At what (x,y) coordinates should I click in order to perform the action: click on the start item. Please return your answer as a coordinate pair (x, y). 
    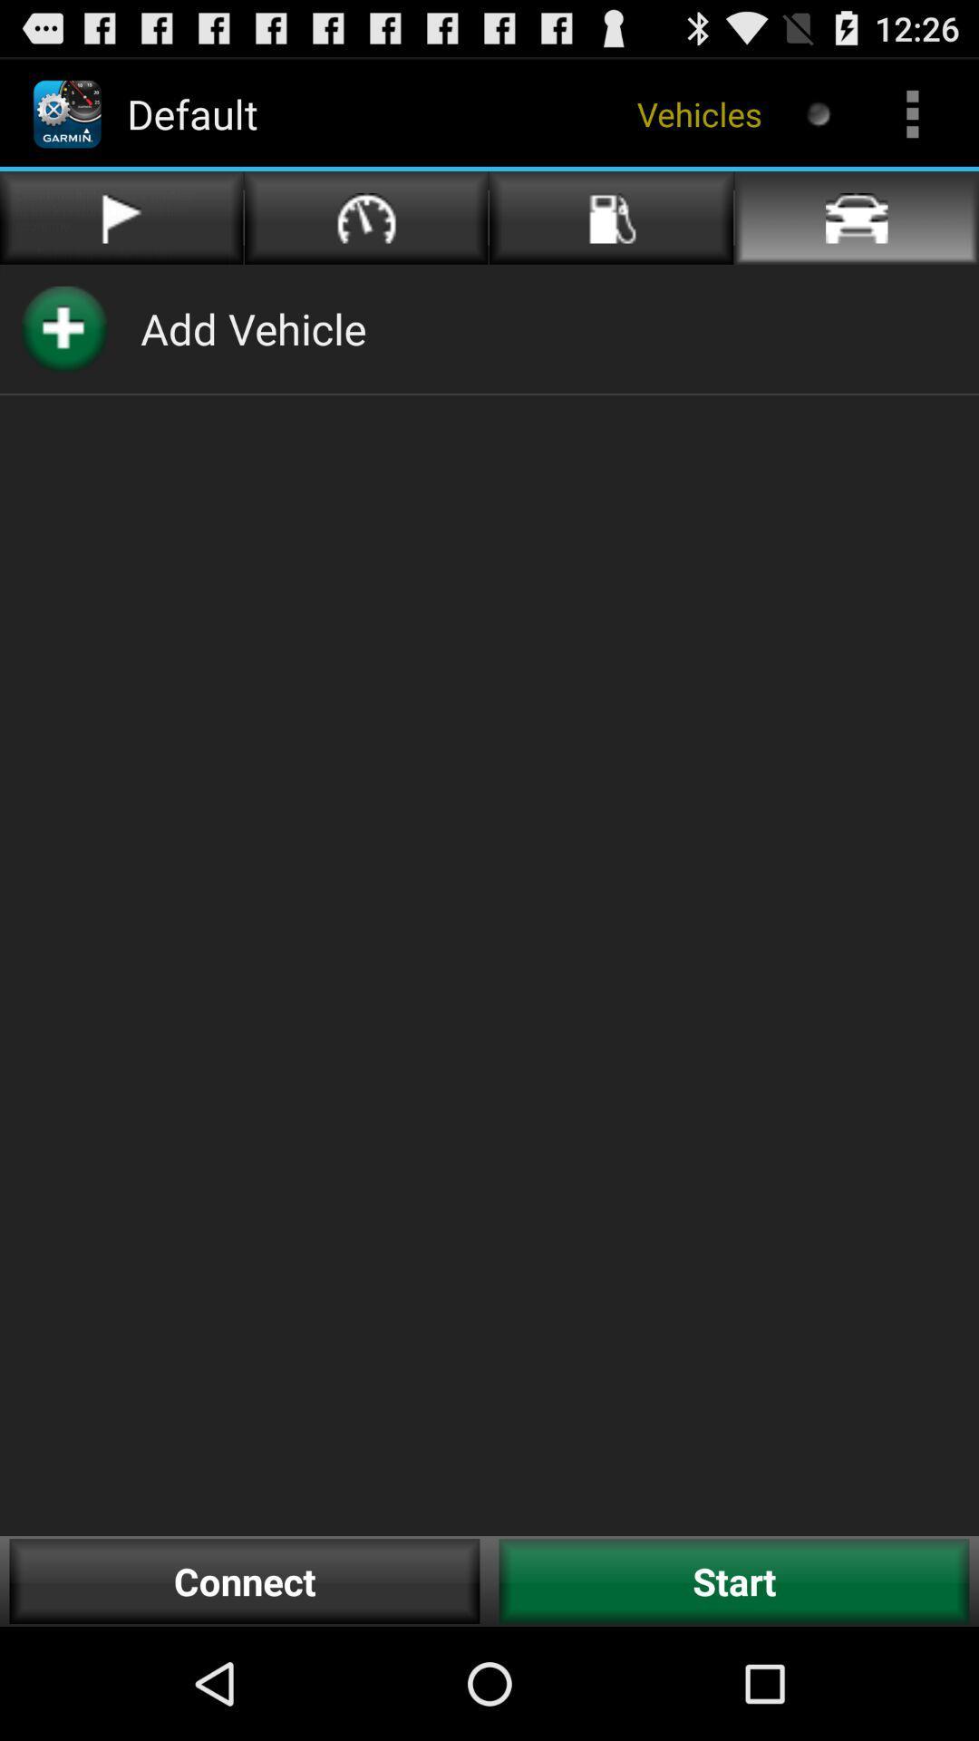
    Looking at the image, I should click on (734, 1581).